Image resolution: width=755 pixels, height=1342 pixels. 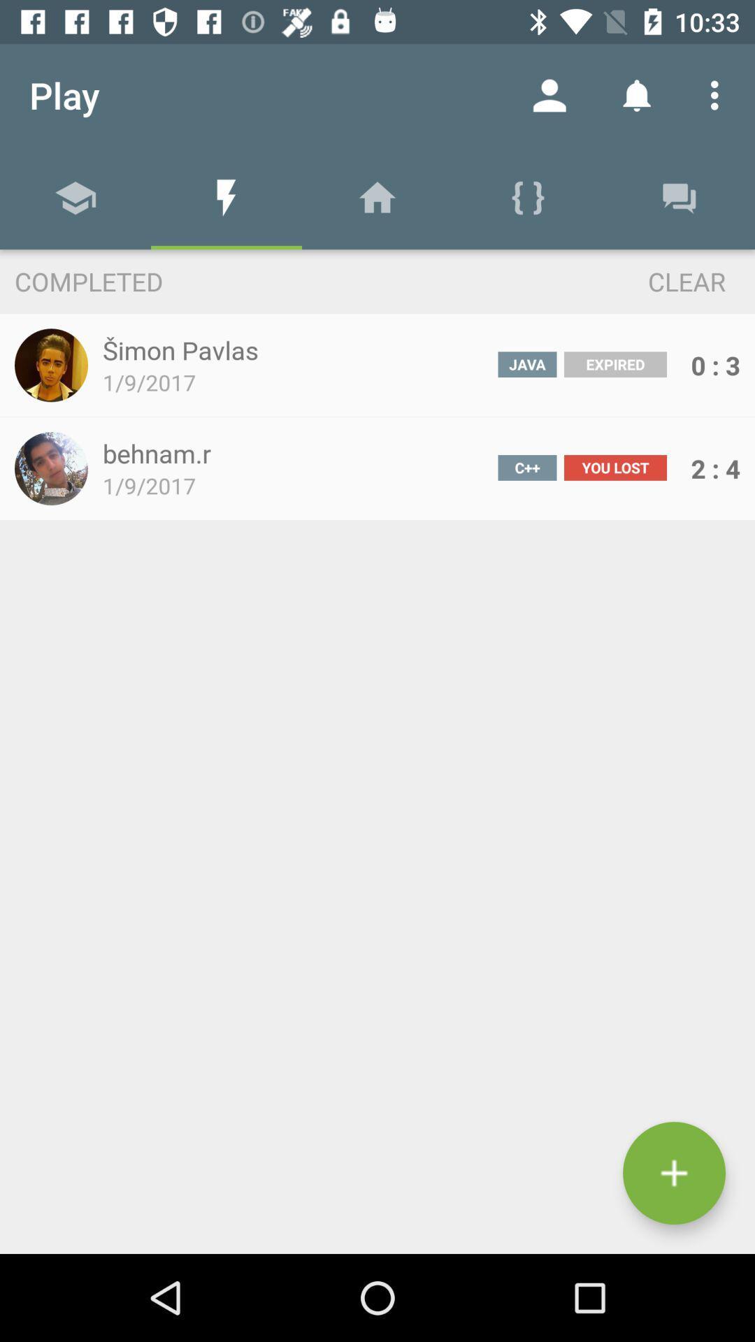 What do you see at coordinates (549, 94) in the screenshot?
I see `item to the right of the play` at bounding box center [549, 94].